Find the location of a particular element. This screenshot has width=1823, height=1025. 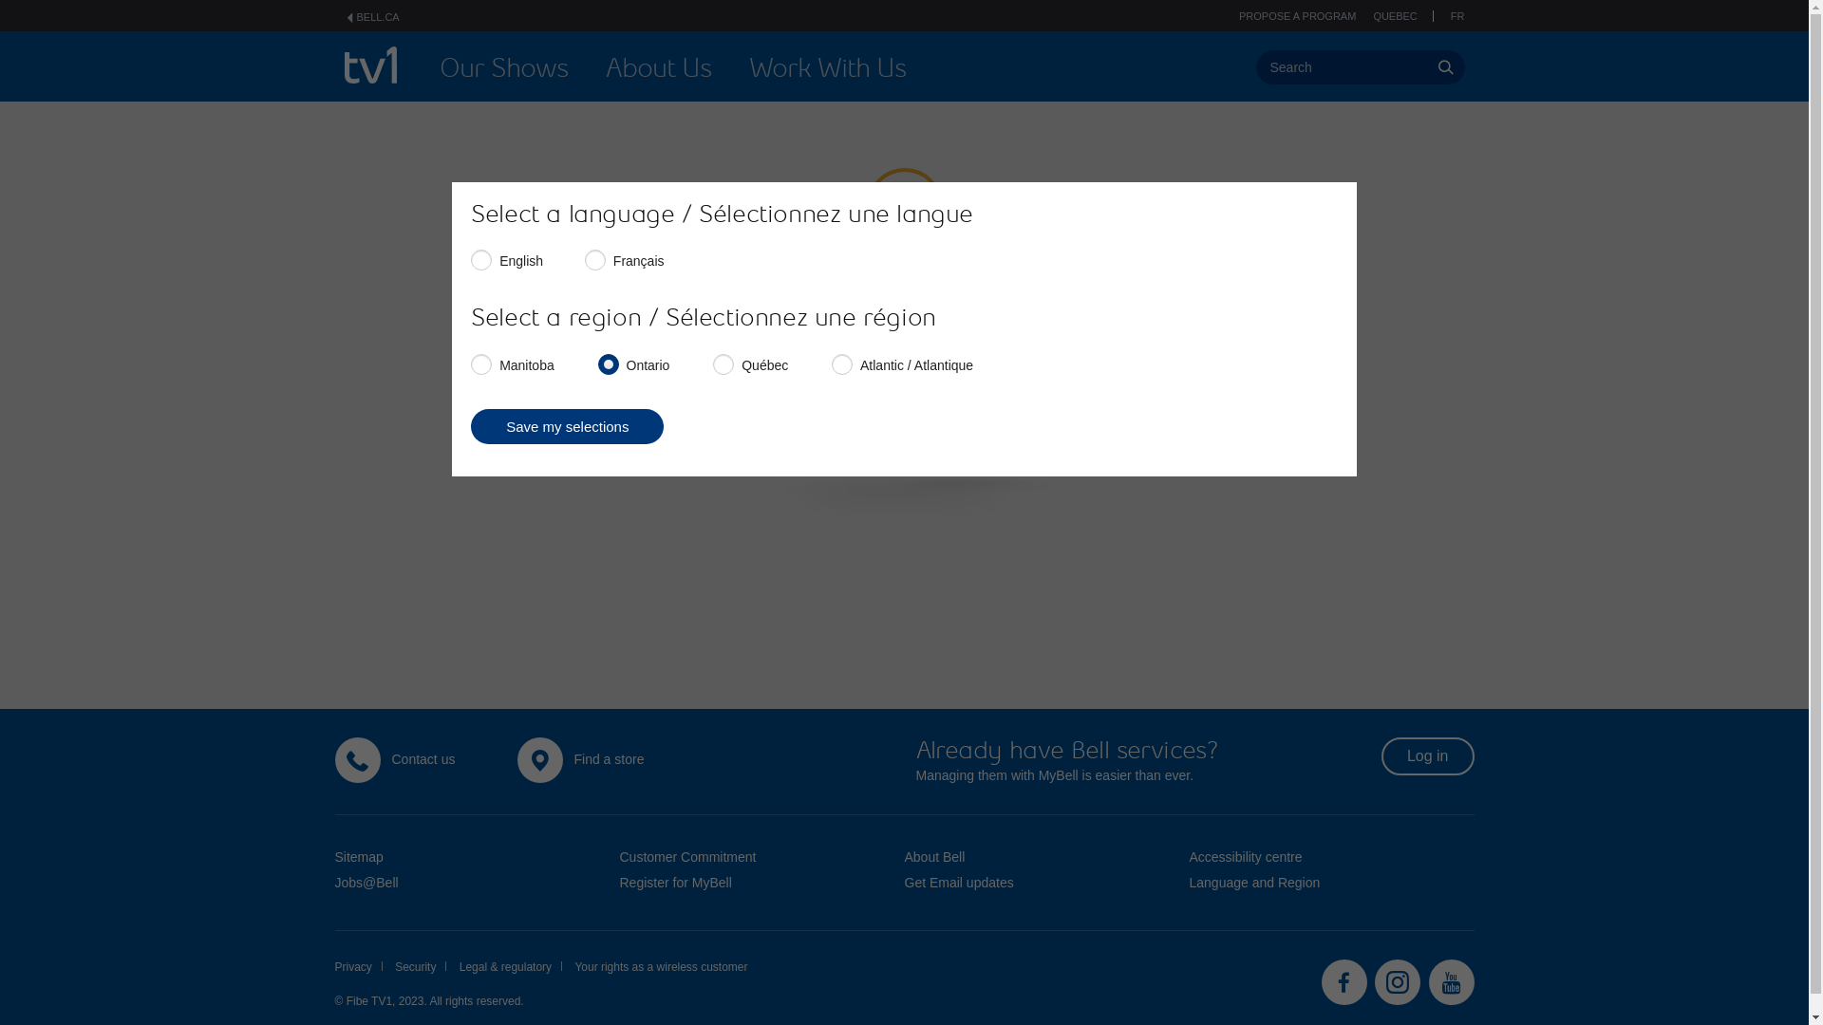

'QUEBEC' is located at coordinates (1402, 15).